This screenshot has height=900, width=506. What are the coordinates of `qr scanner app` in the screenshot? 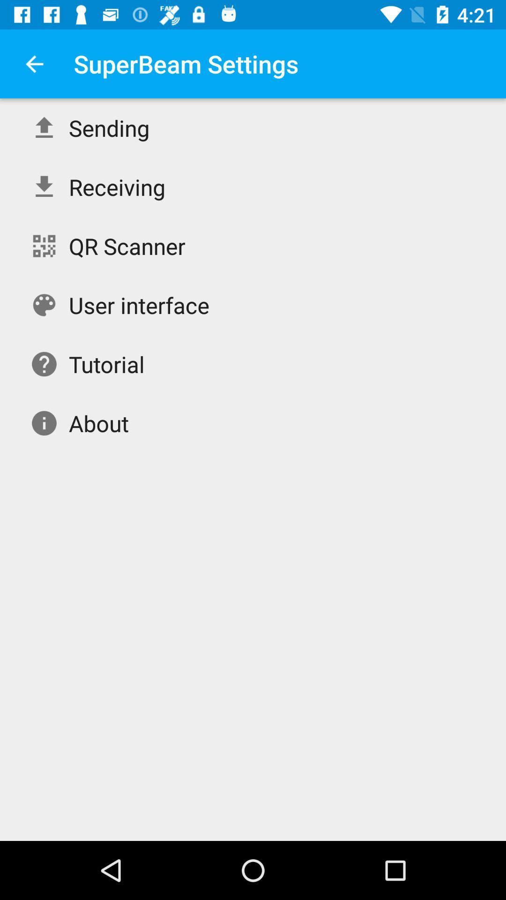 It's located at (127, 246).